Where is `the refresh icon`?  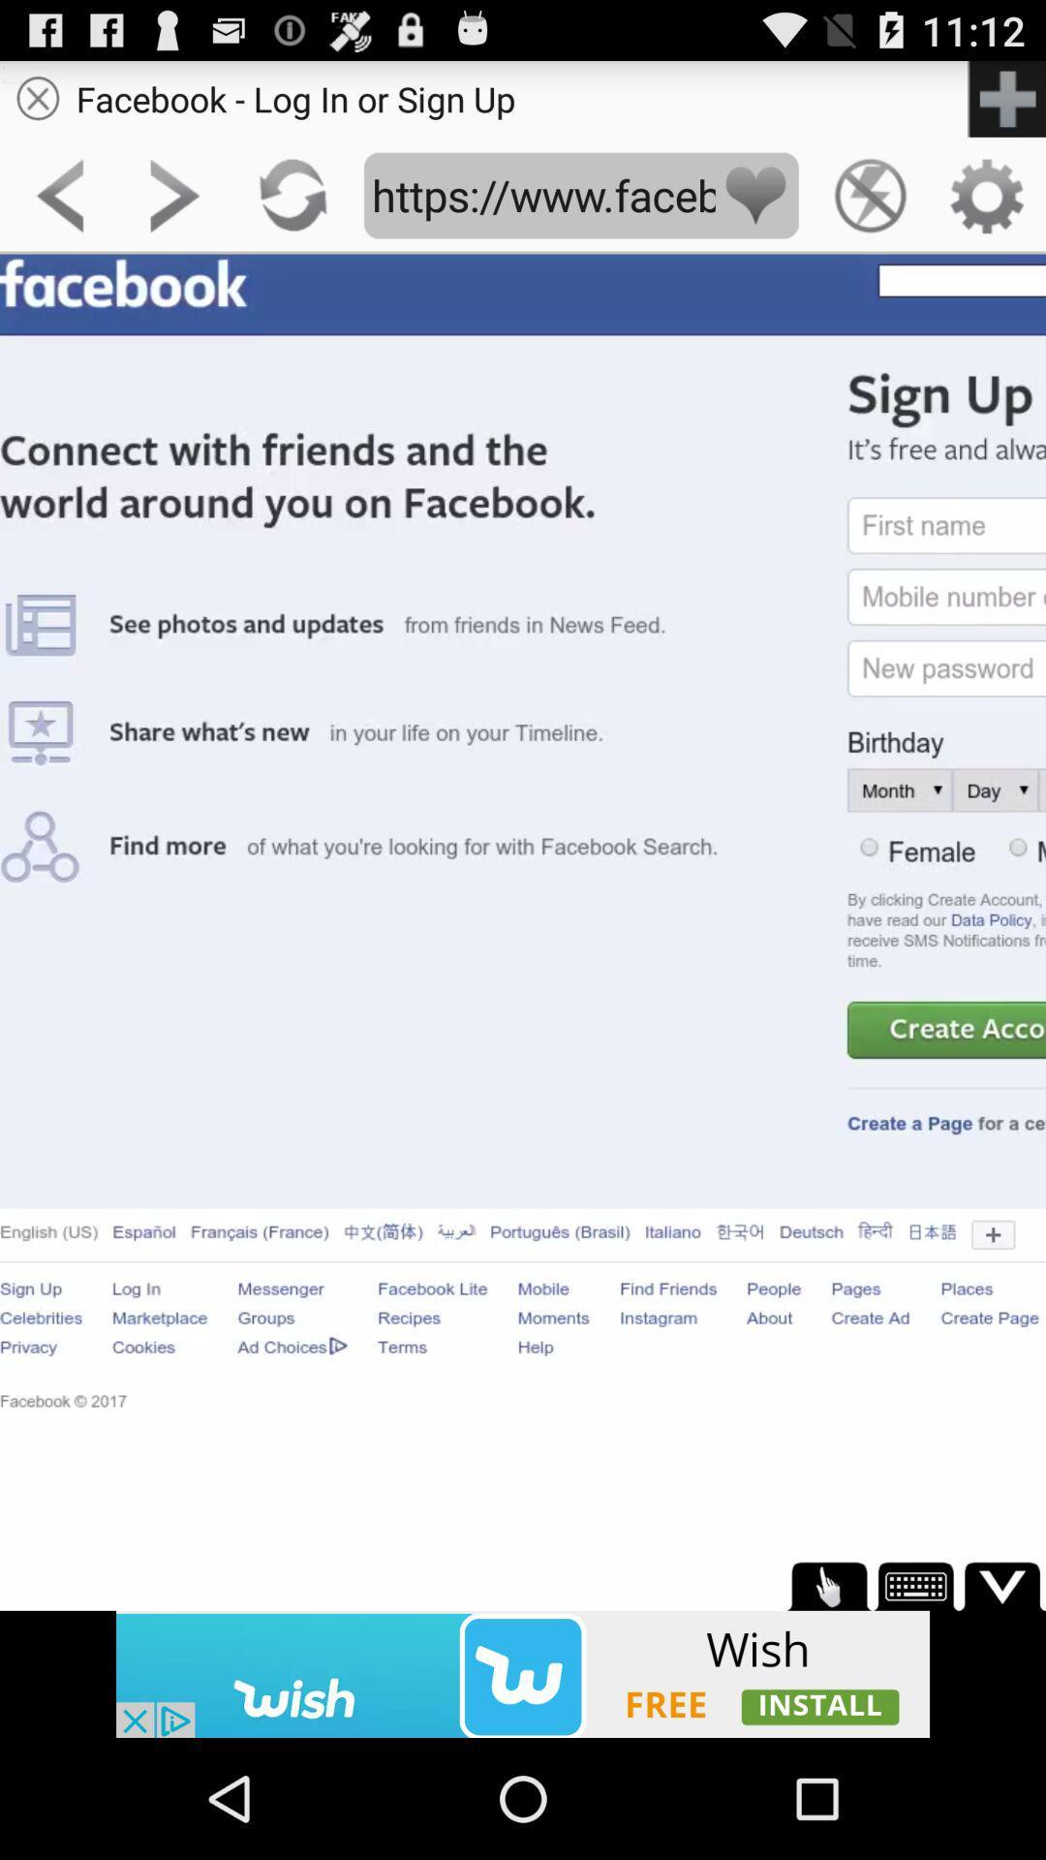 the refresh icon is located at coordinates (292, 209).